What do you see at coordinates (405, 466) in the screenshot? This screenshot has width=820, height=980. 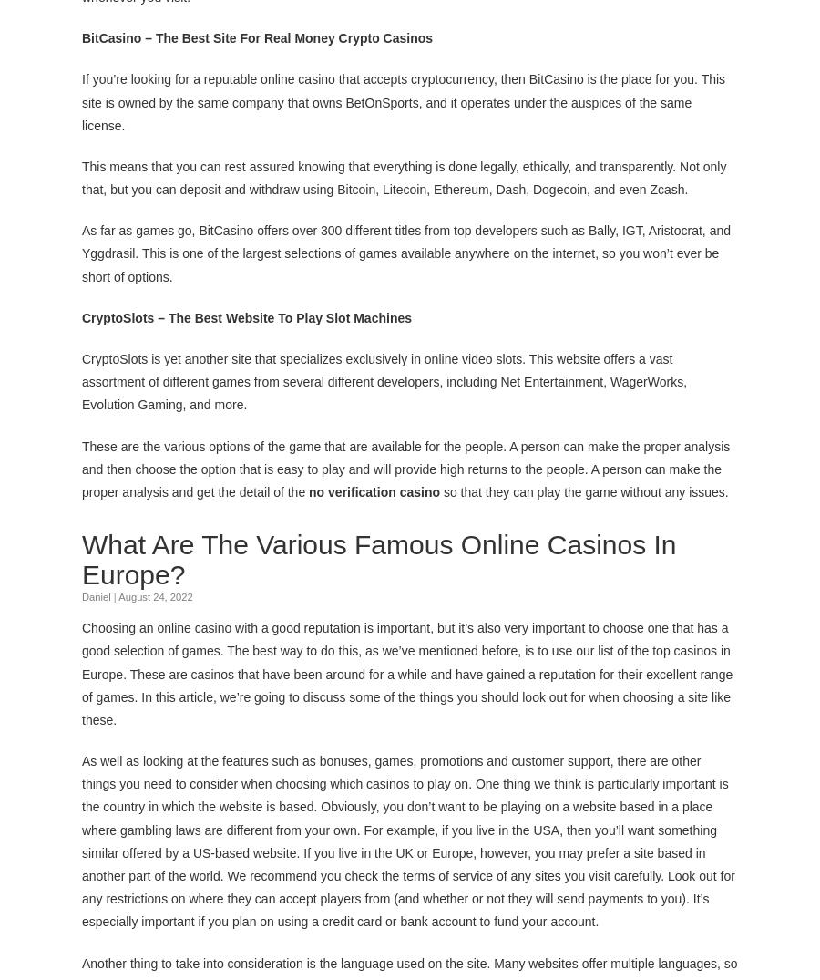 I see `'These are the various options of the game that are available for the people. A person can make the proper analysis and then choose the option that is easy to play and will provide high returns to the people. A person can make the proper analysis and get the detail of the'` at bounding box center [405, 466].